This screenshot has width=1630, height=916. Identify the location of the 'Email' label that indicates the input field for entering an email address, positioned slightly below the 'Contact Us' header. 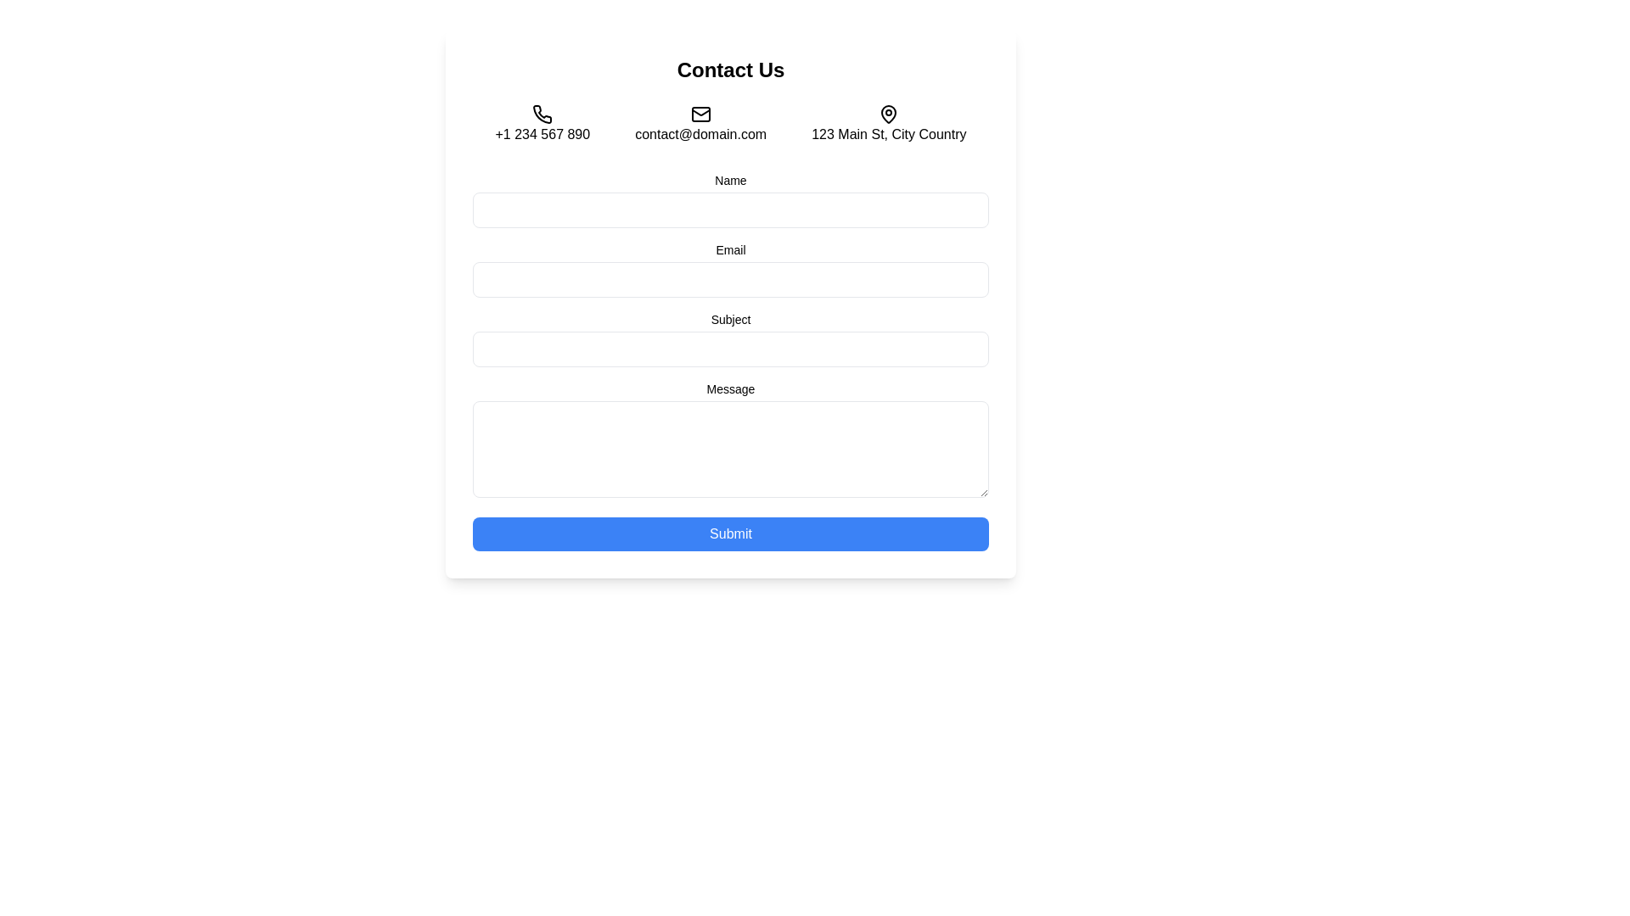
(730, 249).